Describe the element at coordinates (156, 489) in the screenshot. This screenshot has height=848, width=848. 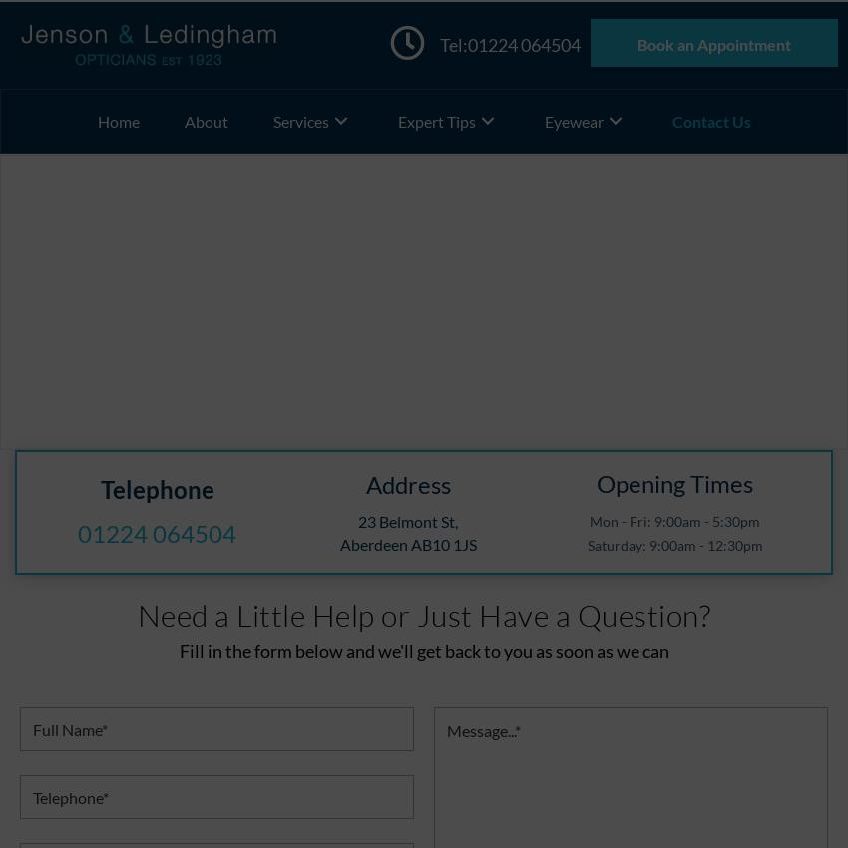
I see `'Telephone'` at that location.